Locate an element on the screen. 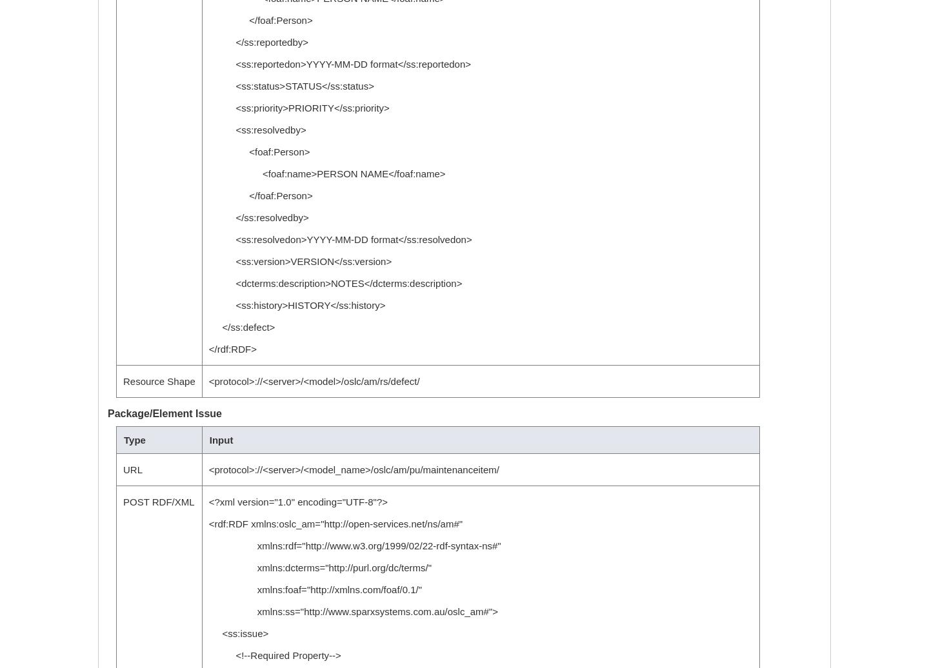  'Input' is located at coordinates (221, 440).